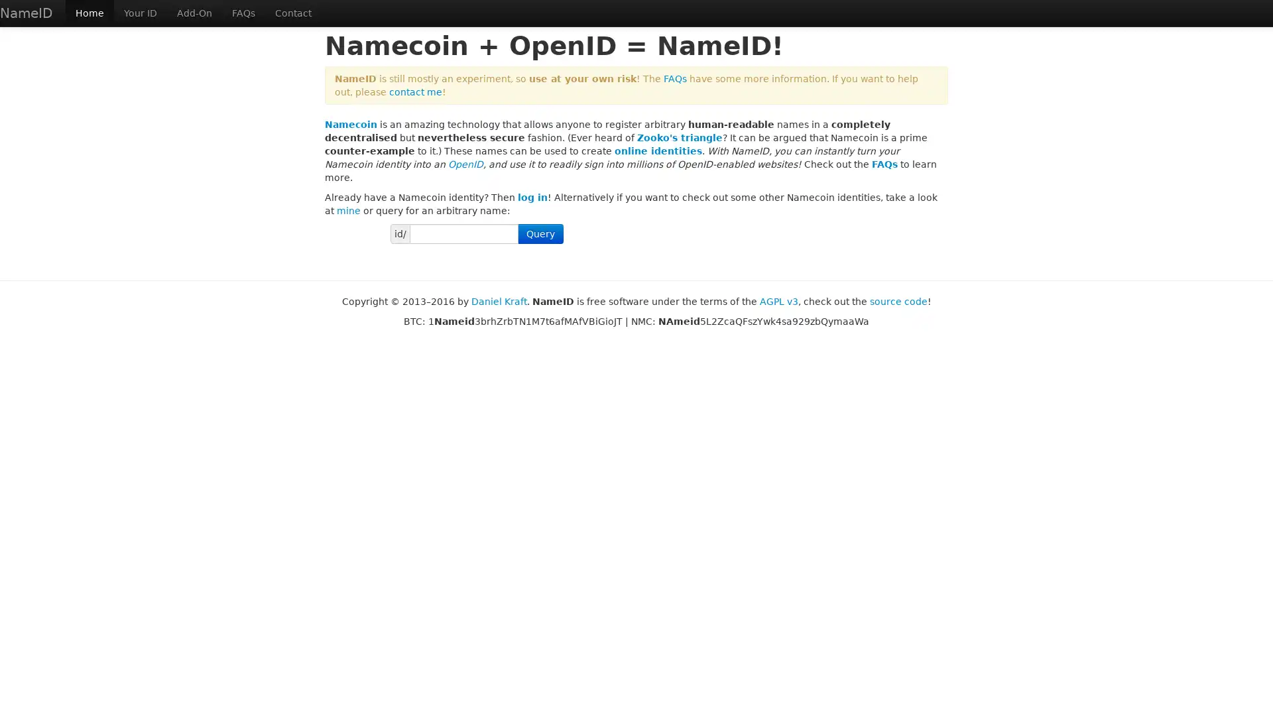 The width and height of the screenshot is (1273, 716). I want to click on Query, so click(540, 233).